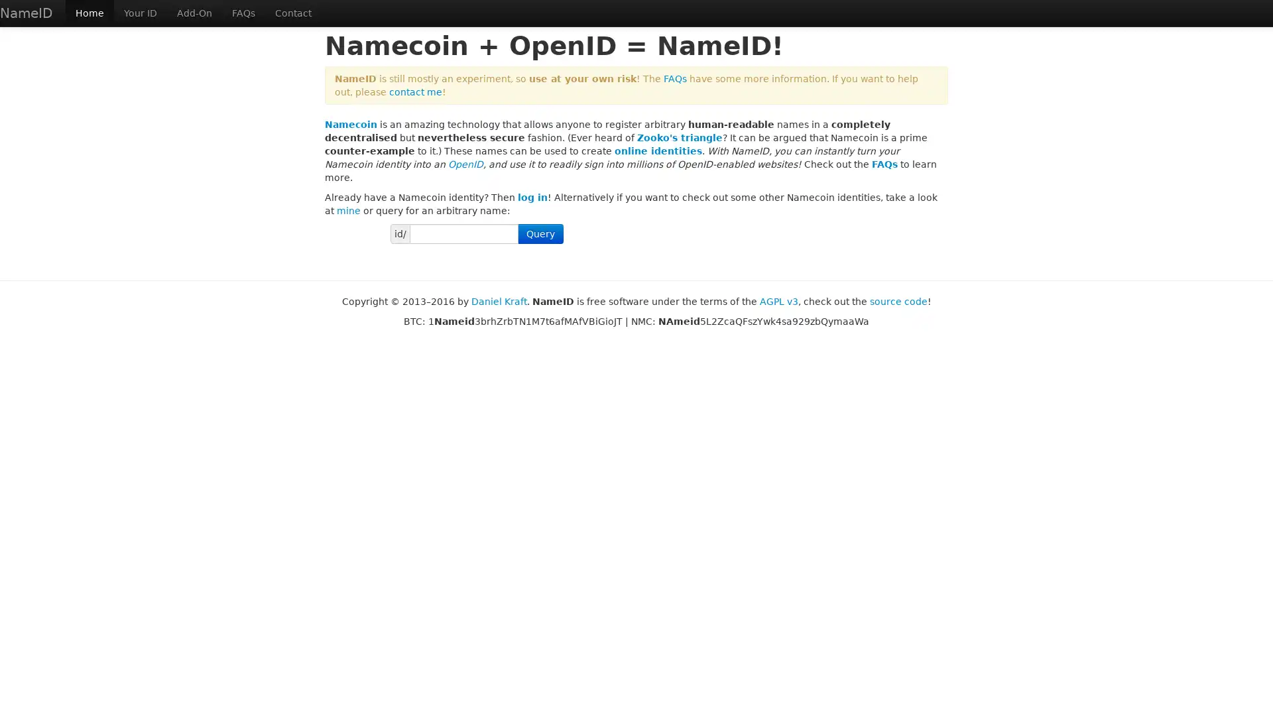 The width and height of the screenshot is (1273, 716). I want to click on Query, so click(540, 233).